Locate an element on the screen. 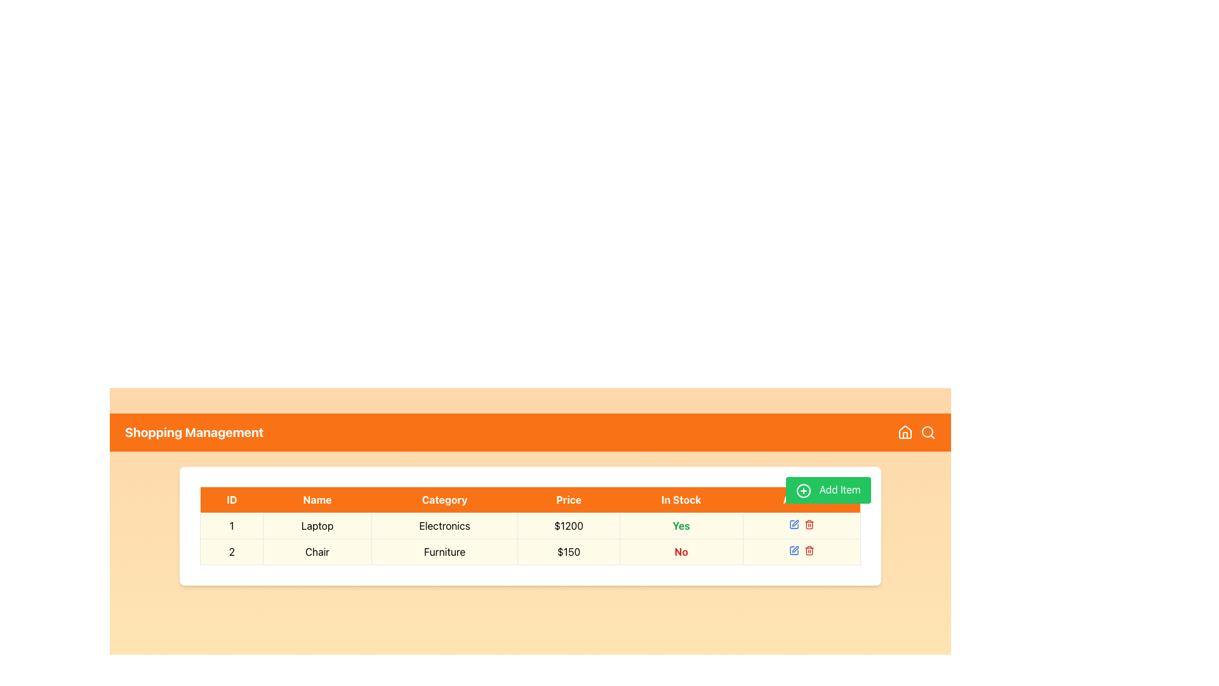 Image resolution: width=1219 pixels, height=686 pixels. the 'Actions' text label, which is the last column header in the table, styled in white on an orange strip is located at coordinates (801, 499).